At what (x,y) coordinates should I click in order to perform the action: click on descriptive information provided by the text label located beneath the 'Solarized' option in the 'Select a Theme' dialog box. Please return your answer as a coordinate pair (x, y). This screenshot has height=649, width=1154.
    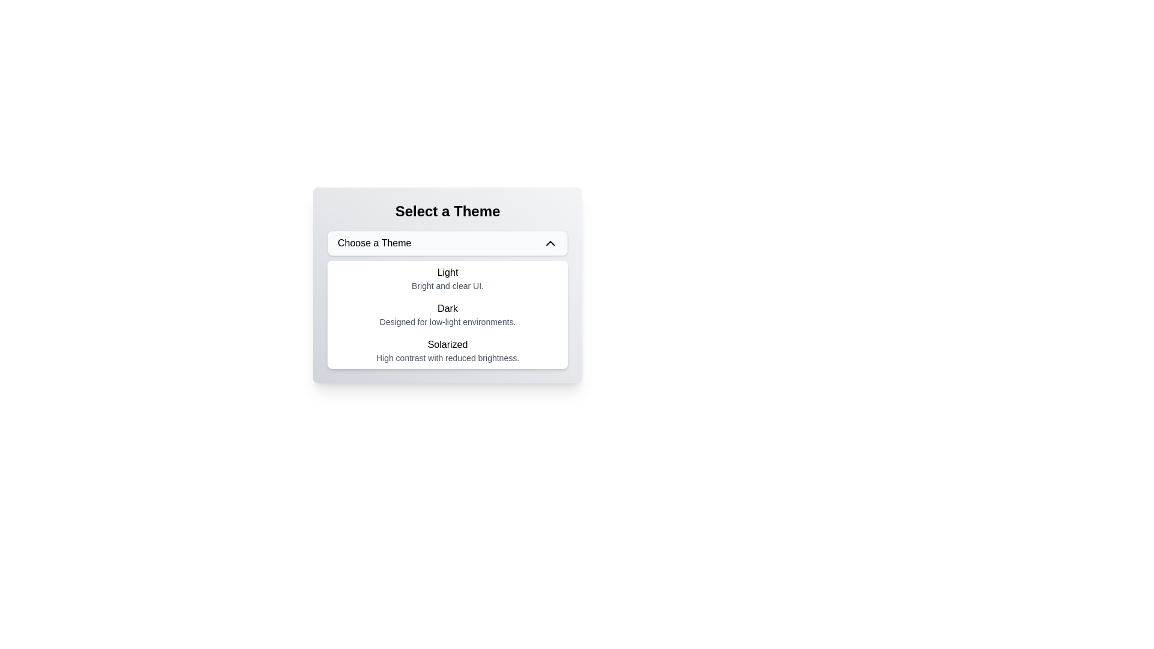
    Looking at the image, I should click on (447, 358).